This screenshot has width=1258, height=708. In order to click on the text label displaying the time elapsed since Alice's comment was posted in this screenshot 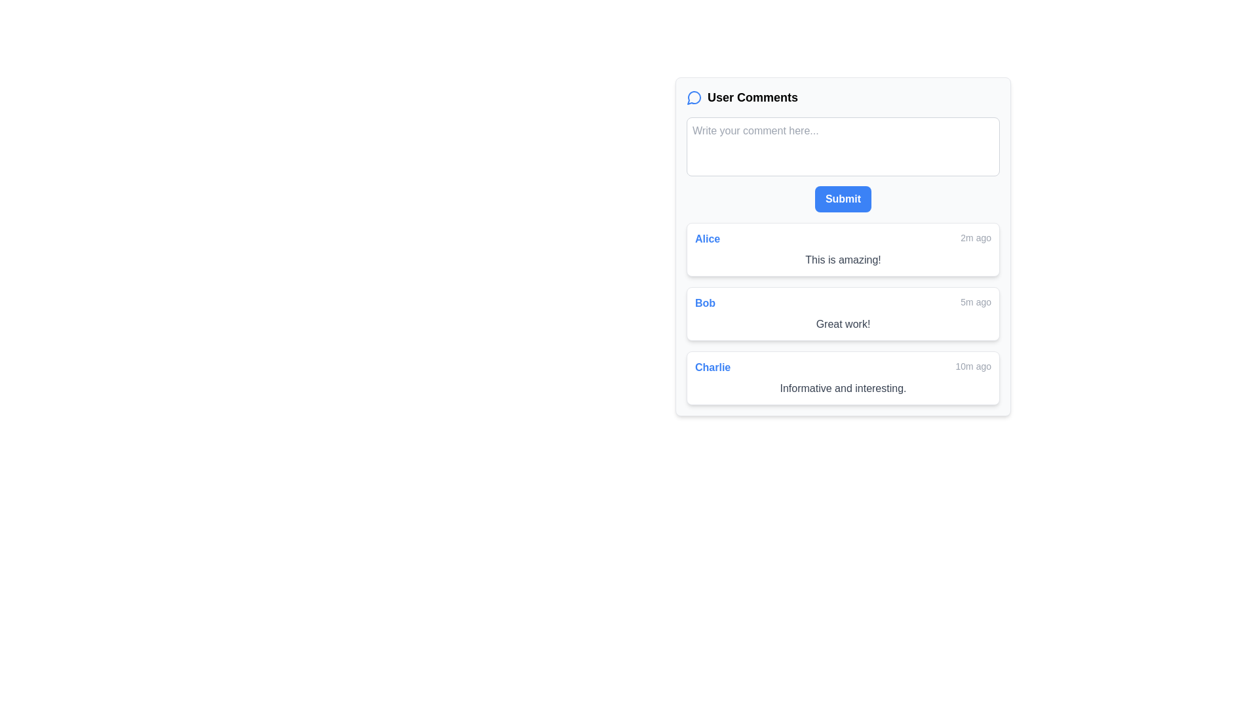, I will do `click(976, 239)`.